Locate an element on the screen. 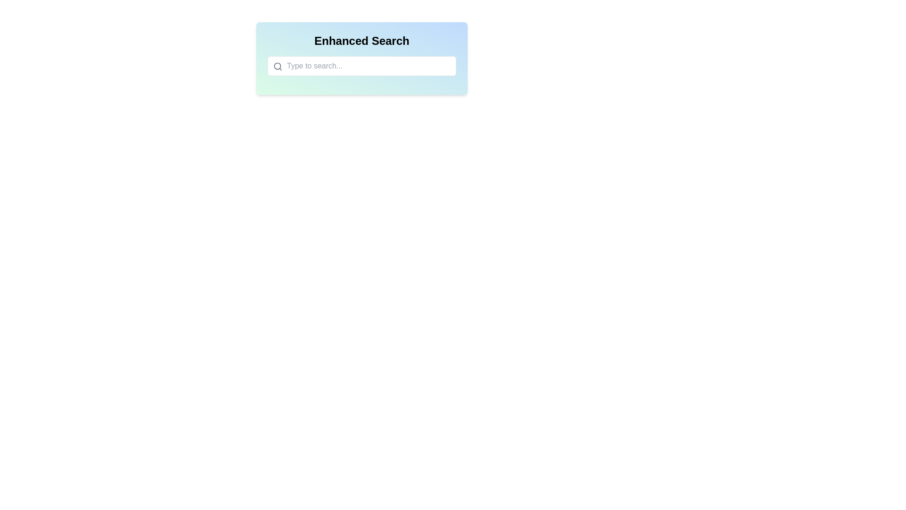  the decorative SVG circle element in the search bar, which visually represents the search functionality, located towards the left end of the text input field is located at coordinates (277, 66).